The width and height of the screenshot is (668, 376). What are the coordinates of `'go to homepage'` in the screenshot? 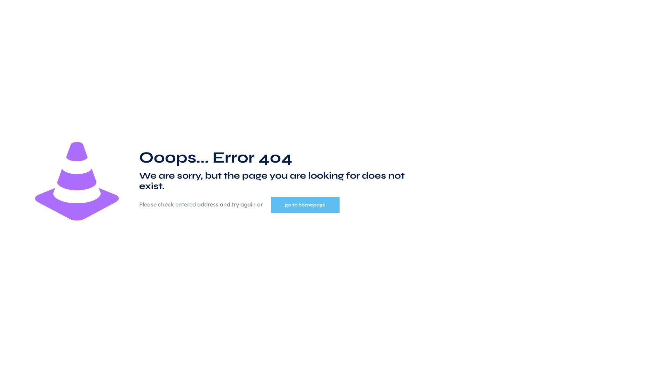 It's located at (305, 205).